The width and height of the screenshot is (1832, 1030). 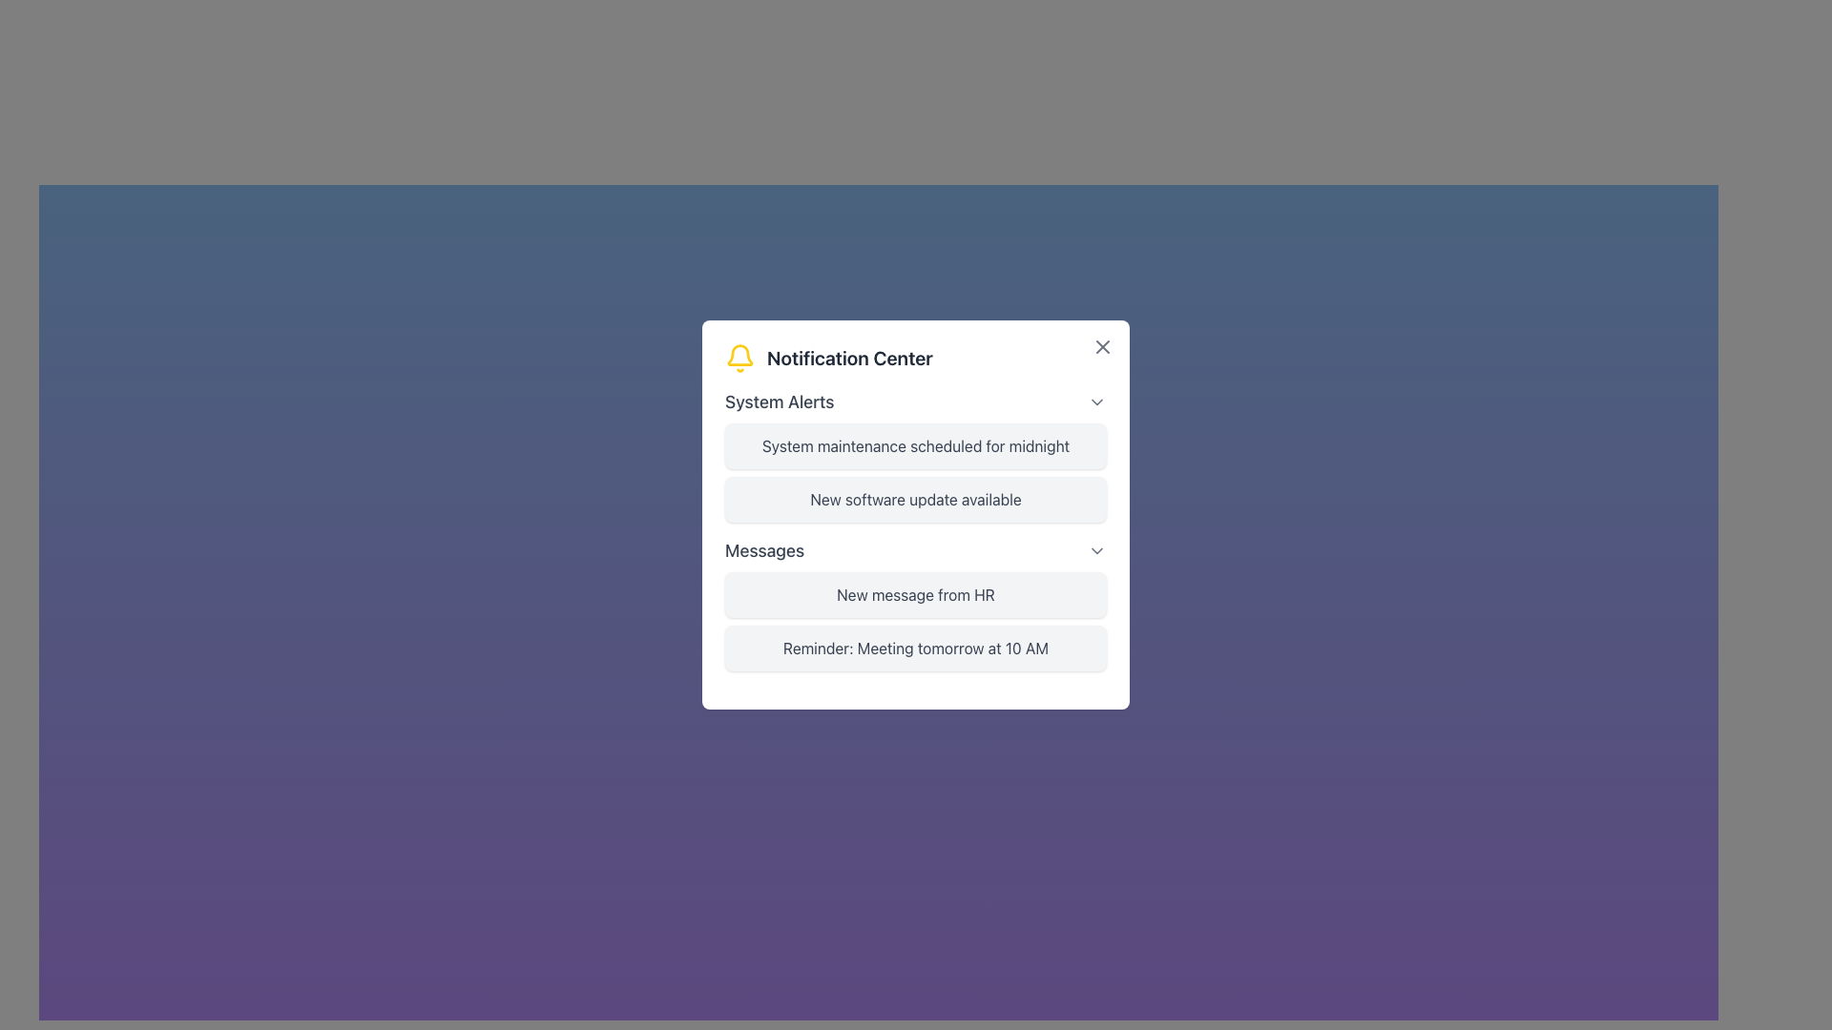 I want to click on the text box labeled 'Reminder: Meeting tomorrow at 10 AM' to trigger a background color change, so click(x=916, y=647).